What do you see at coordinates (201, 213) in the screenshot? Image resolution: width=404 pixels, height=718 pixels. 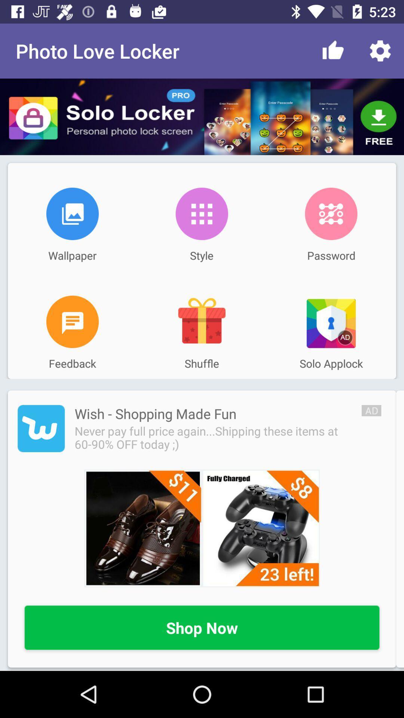 I see `style menu` at bounding box center [201, 213].